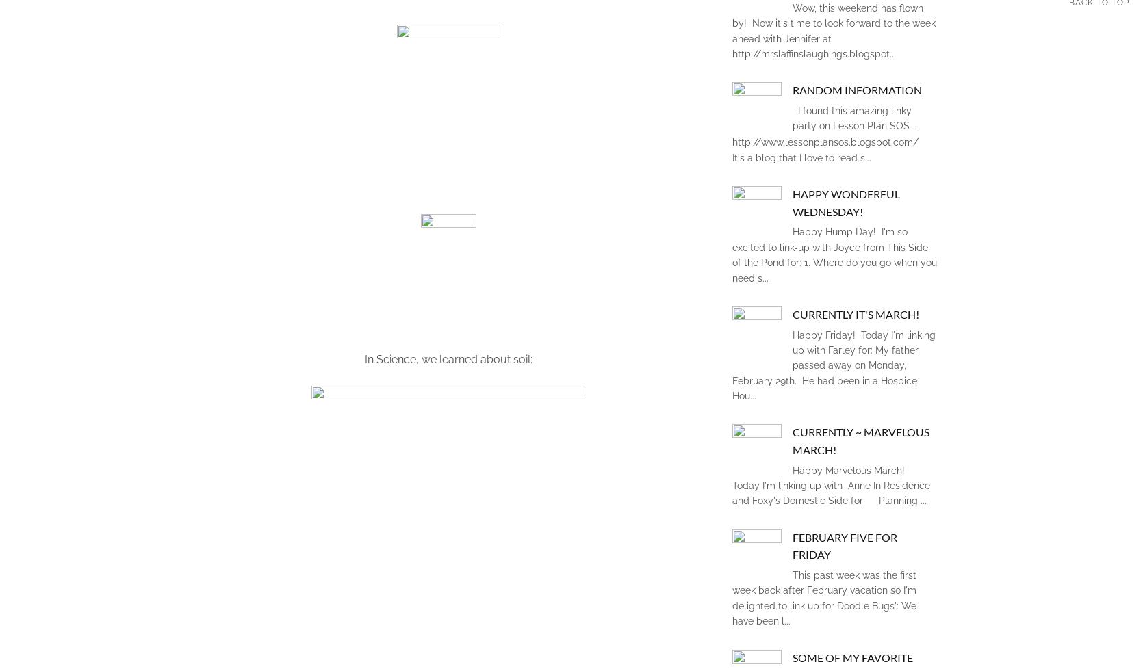  Describe the element at coordinates (834, 30) in the screenshot. I see `'Wow, this weekend has flown by!  Now it's time to look forward to the week ahead with Jennifer at  http://mrslaffinslaughings.blogspot....'` at that location.